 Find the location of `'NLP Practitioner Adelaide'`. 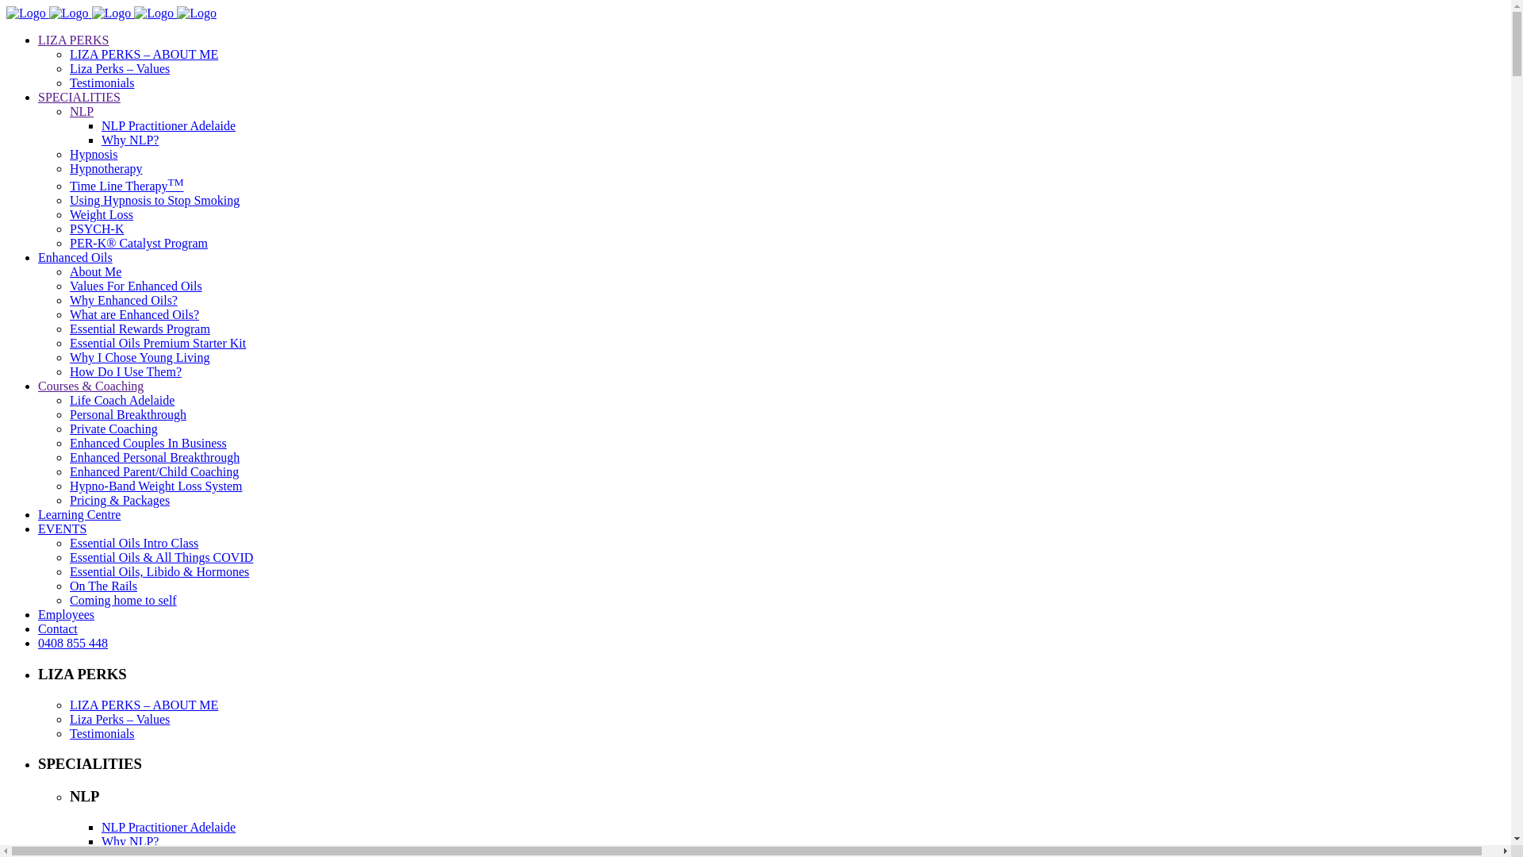

'NLP Practitioner Adelaide' is located at coordinates (168, 826).